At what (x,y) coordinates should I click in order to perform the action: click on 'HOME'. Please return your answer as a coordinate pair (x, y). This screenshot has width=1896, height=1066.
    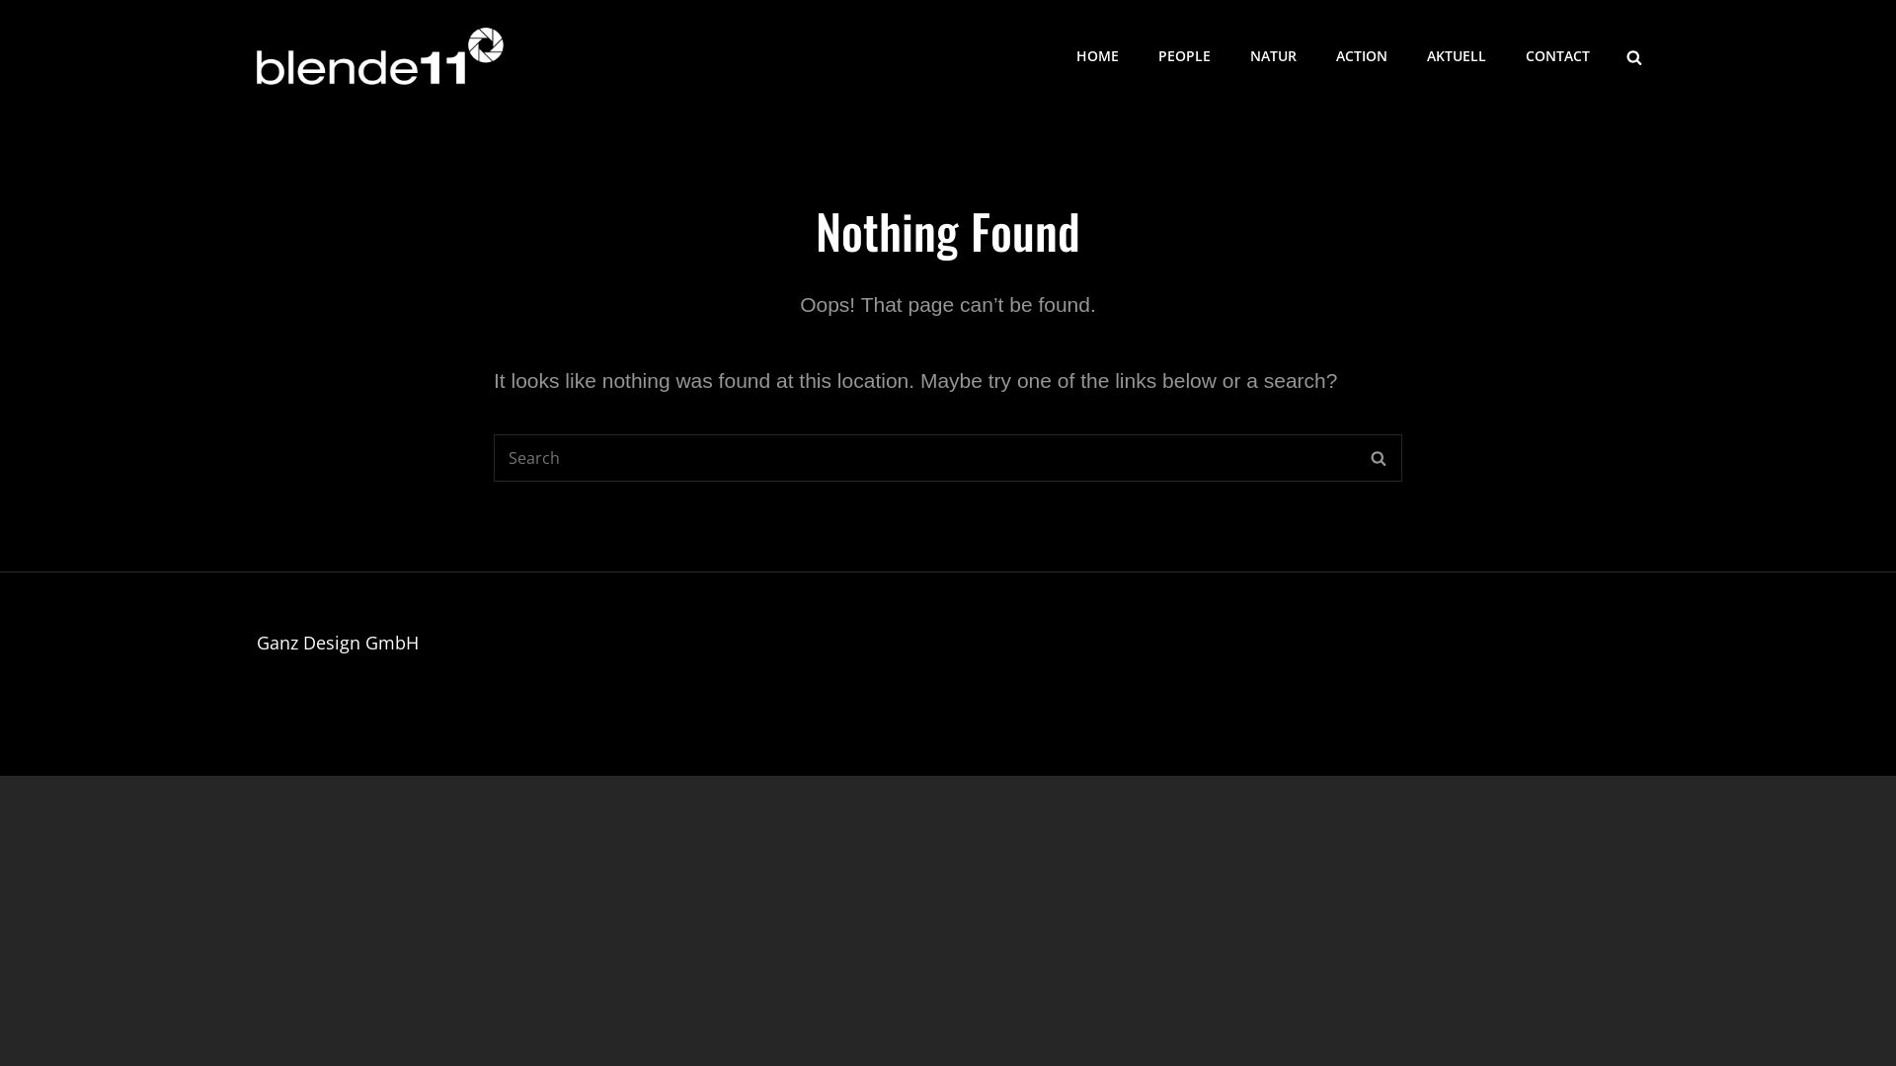
    Looking at the image, I should click on (1056, 55).